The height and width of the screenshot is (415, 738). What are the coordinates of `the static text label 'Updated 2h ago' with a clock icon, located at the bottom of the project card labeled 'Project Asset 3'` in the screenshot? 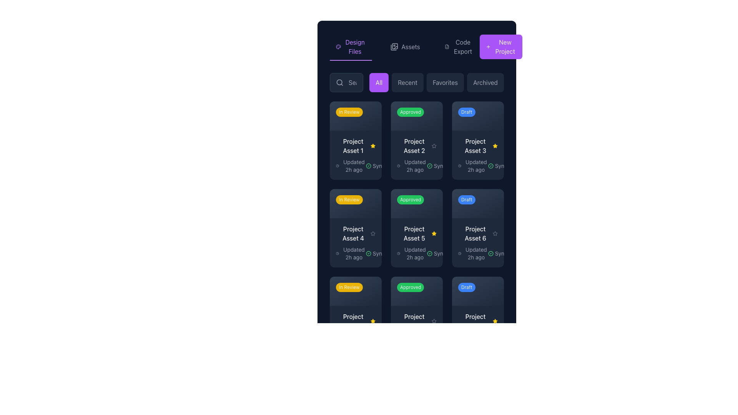 It's located at (472, 165).